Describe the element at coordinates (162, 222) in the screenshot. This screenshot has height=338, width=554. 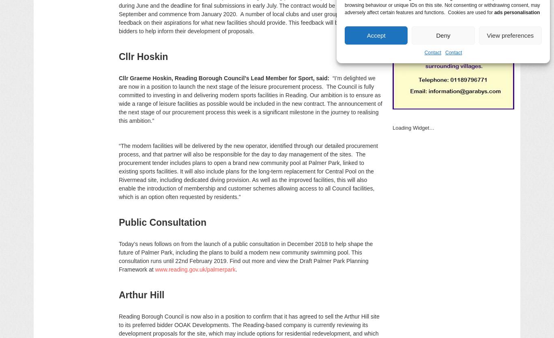
I see `'Public Consultation'` at that location.